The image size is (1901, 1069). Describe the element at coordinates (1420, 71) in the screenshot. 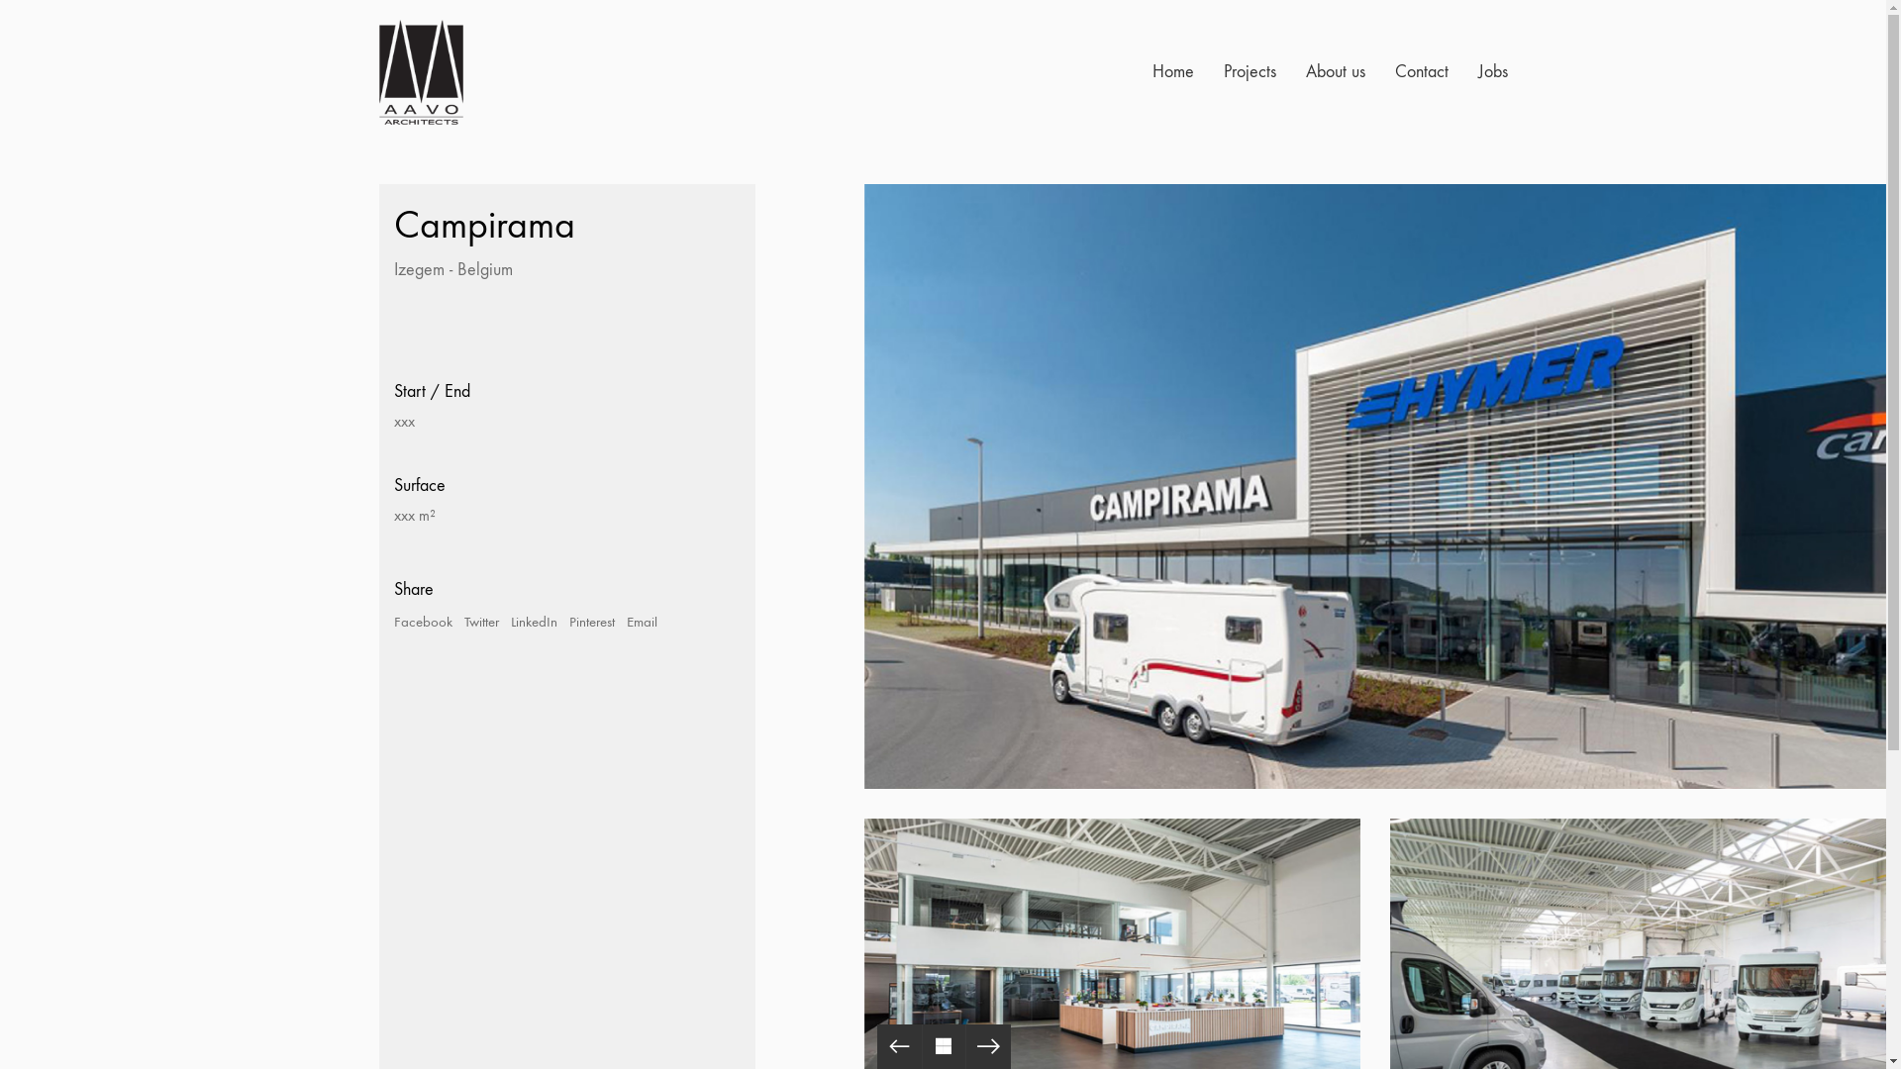

I see `'Contact'` at that location.